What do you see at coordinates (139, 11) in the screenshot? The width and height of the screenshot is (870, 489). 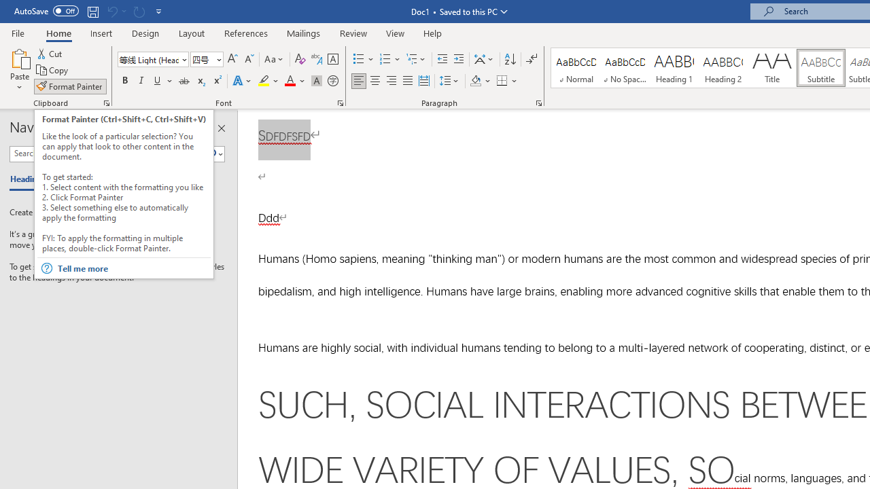 I see `'Can'` at bounding box center [139, 11].